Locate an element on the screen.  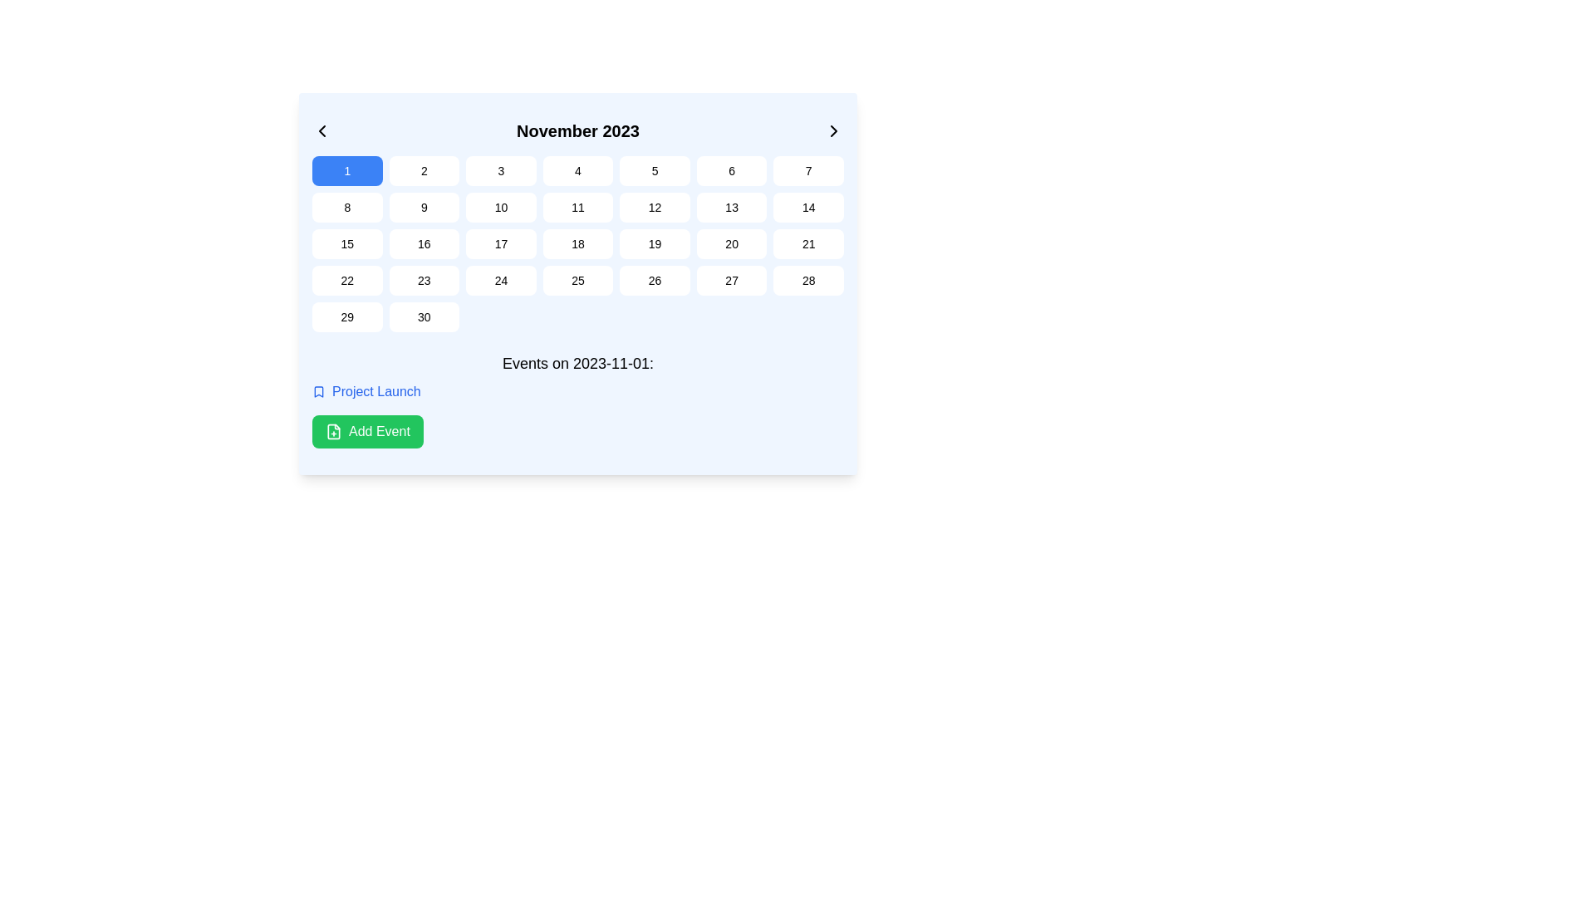
the rounded rectangular button with the text '20' in the calendar view is located at coordinates (731, 243).